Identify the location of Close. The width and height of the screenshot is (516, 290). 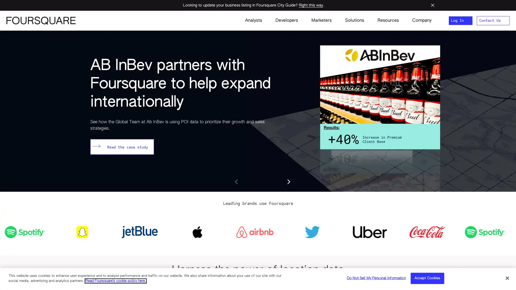
(507, 278).